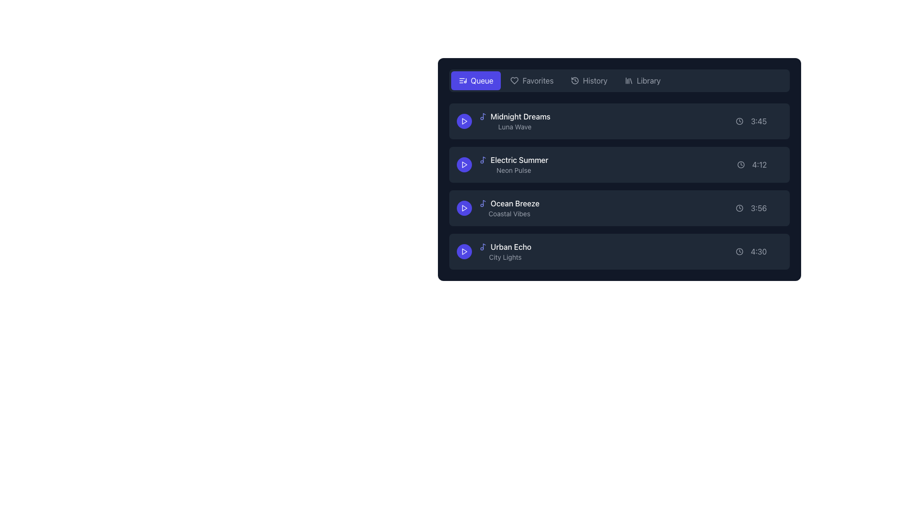  What do you see at coordinates (515, 203) in the screenshot?
I see `the text label displaying 'Ocean Breeze', which is styled with a medium-weight font and aligned horizontally next to a musical note icon in the third entry of a vertical list` at bounding box center [515, 203].